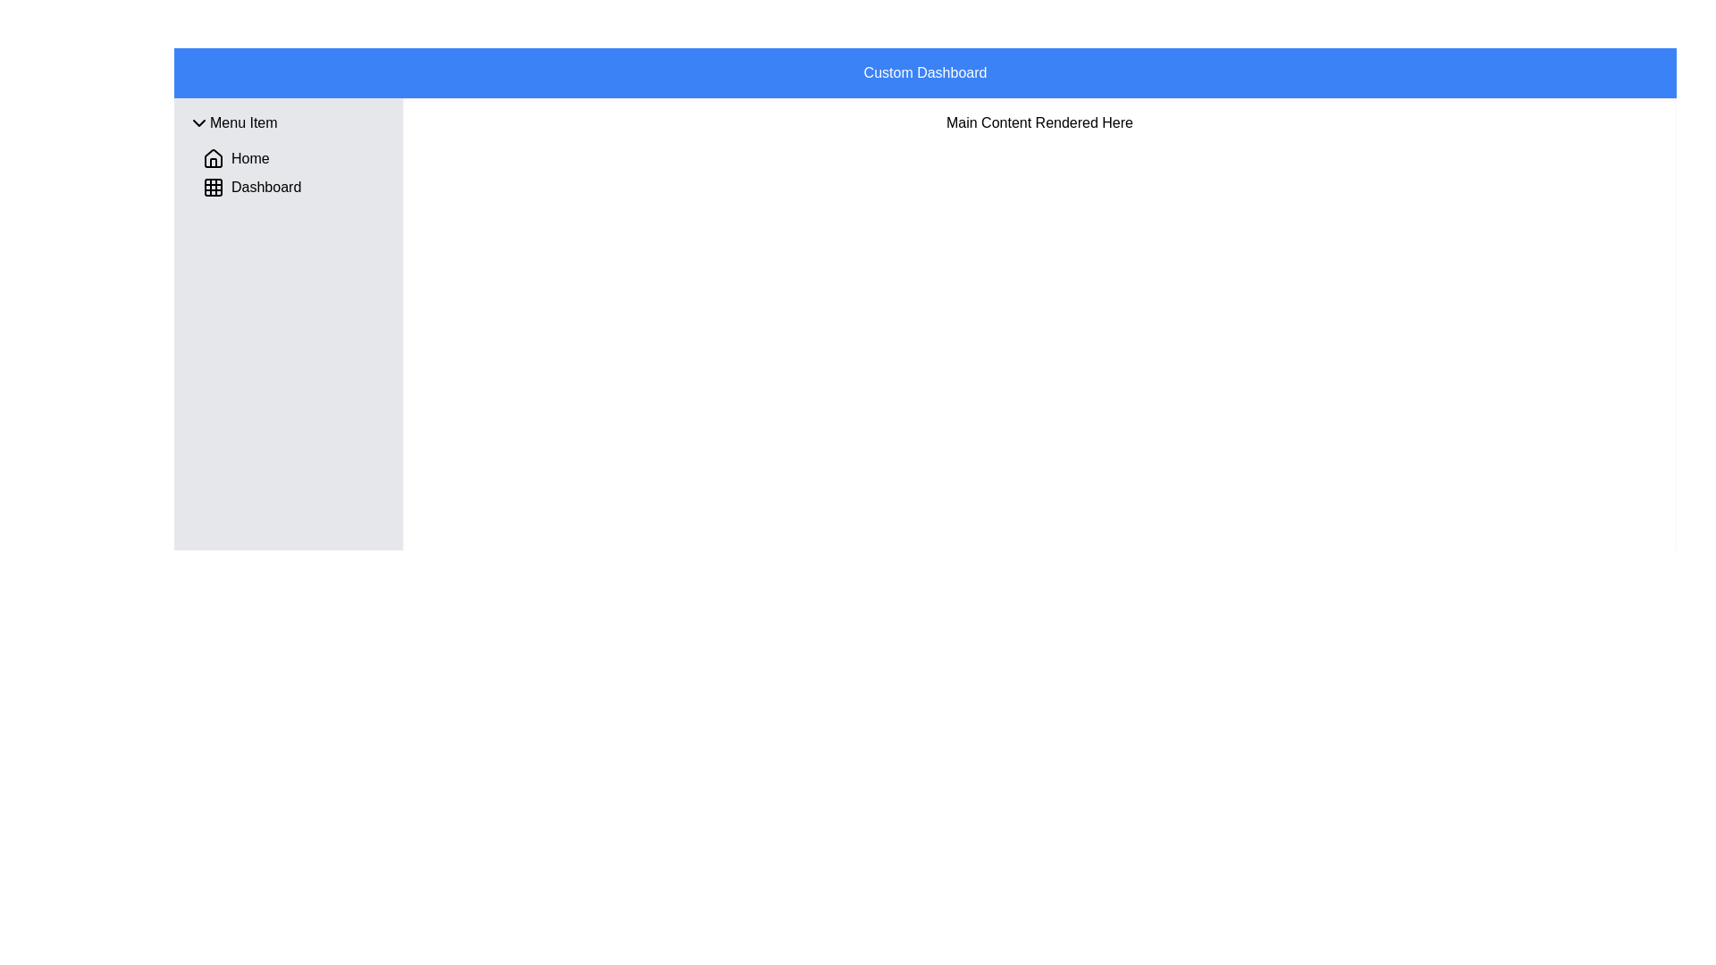 The width and height of the screenshot is (1716, 965). What do you see at coordinates (242, 122) in the screenshot?
I see `the menu item label located in the left navigation panel, positioned below an arrow icon and above the 'Home' and 'Dashboard' navigation items` at bounding box center [242, 122].